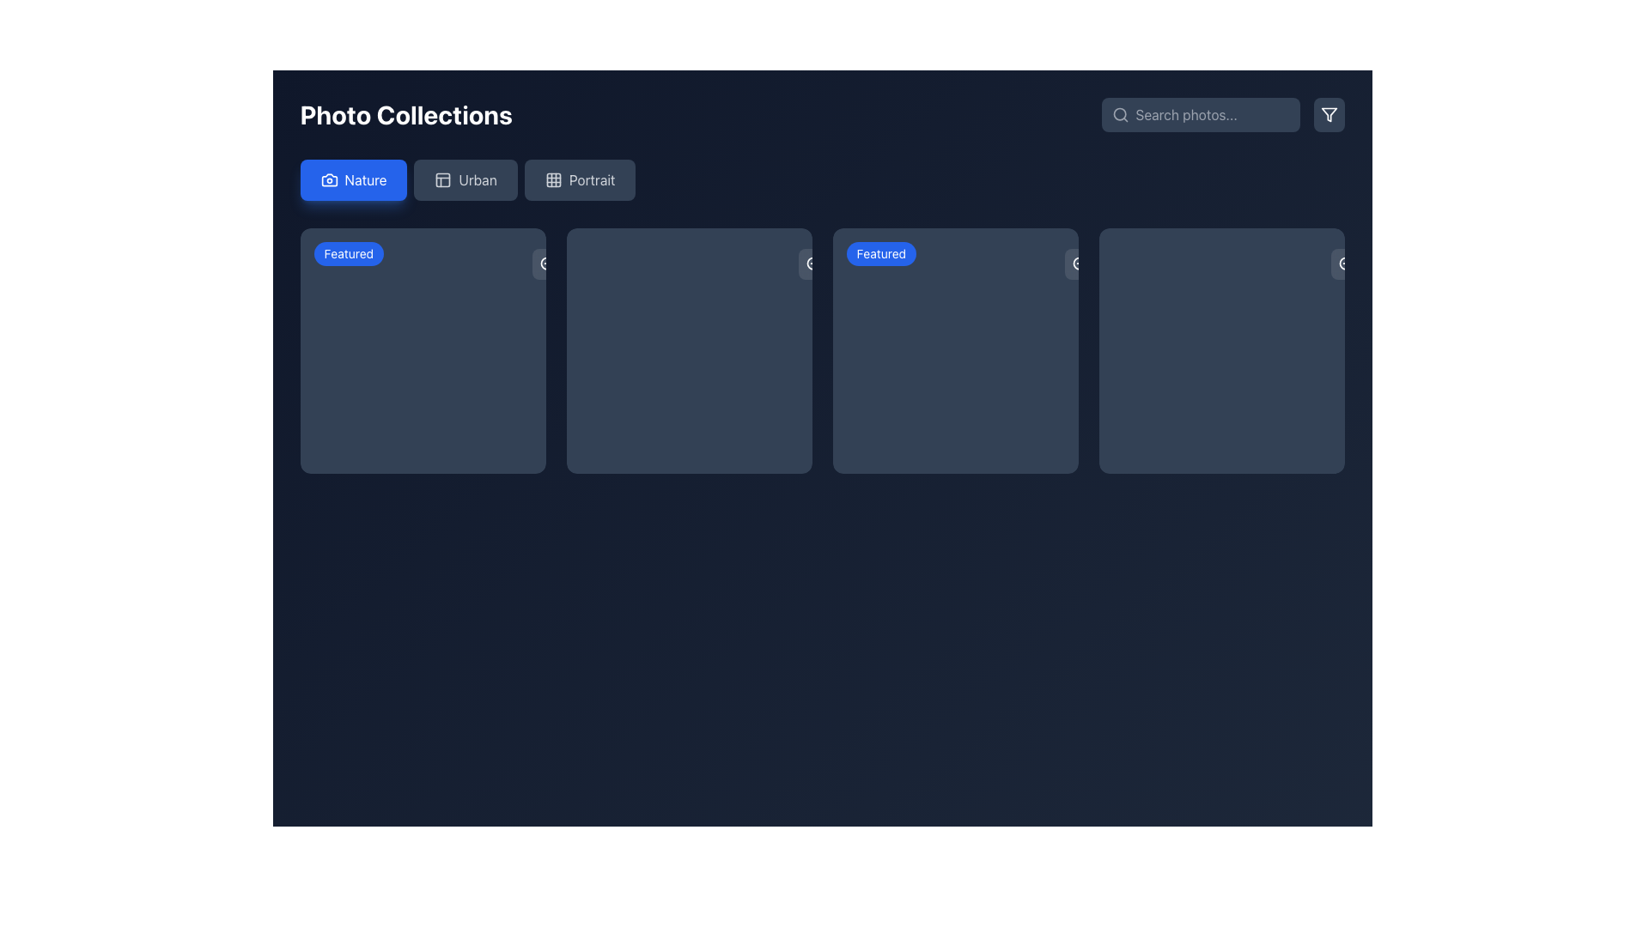 The height and width of the screenshot is (927, 1649). I want to click on the small circle shape that is part of the search icon design, which represents the lens portion of the magnifying glass located in the top right corner of the interface, so click(1119, 114).